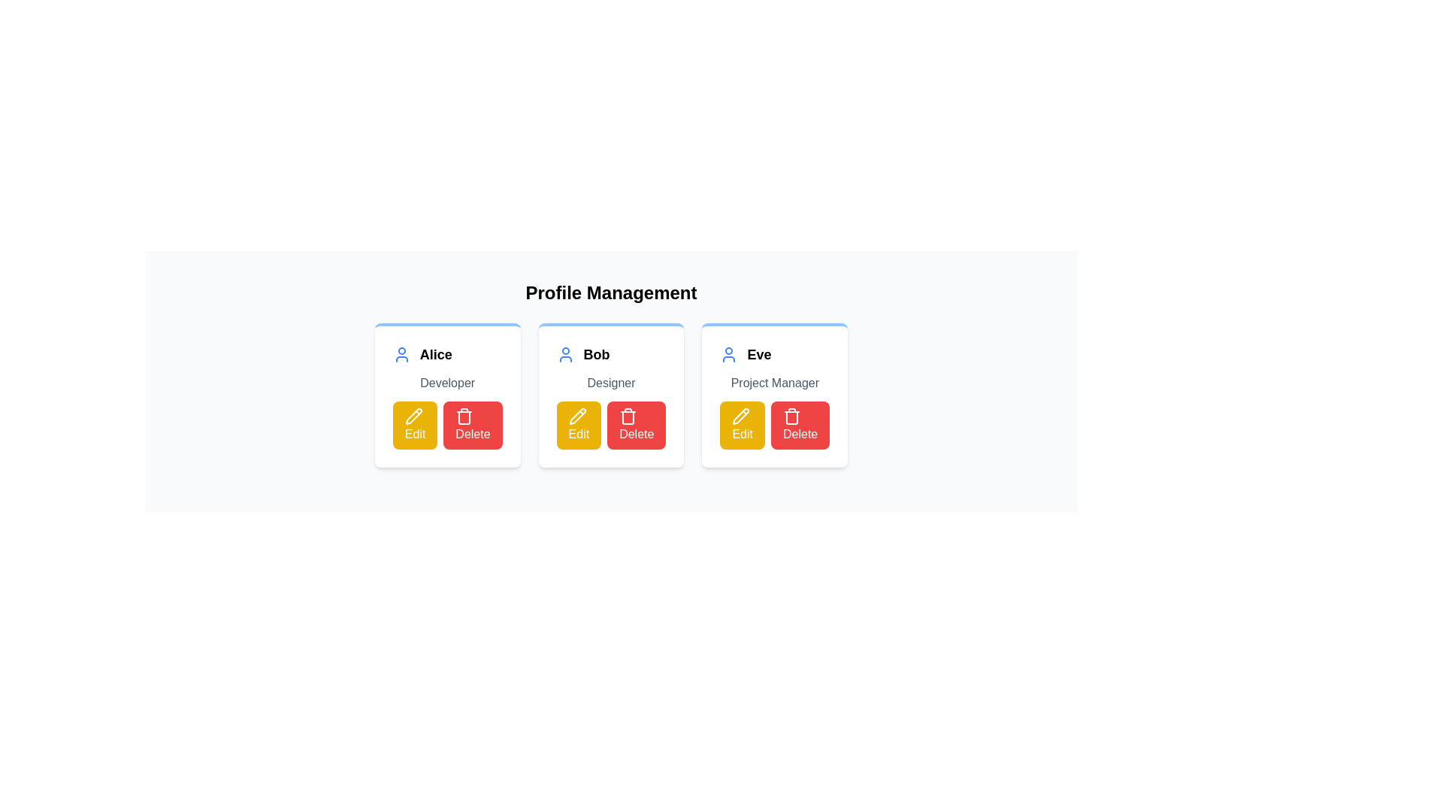 This screenshot has width=1443, height=812. Describe the element at coordinates (611, 394) in the screenshot. I see `the 'Delete' button located at the bottom of the profile management card for the user 'Bob'` at that location.